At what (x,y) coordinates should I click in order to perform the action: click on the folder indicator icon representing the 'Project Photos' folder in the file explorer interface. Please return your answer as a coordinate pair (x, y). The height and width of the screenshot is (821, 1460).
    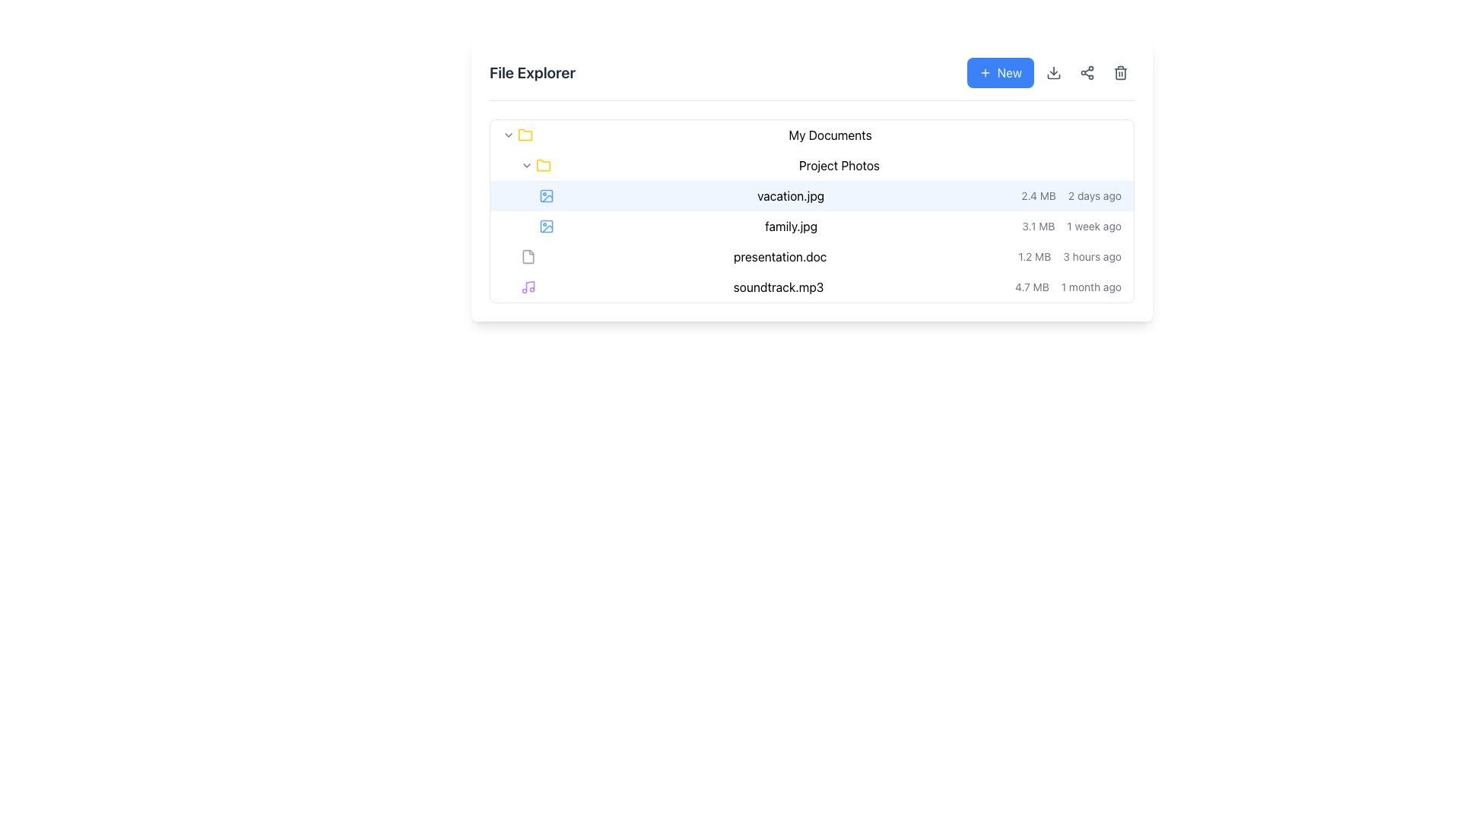
    Looking at the image, I should click on (544, 166).